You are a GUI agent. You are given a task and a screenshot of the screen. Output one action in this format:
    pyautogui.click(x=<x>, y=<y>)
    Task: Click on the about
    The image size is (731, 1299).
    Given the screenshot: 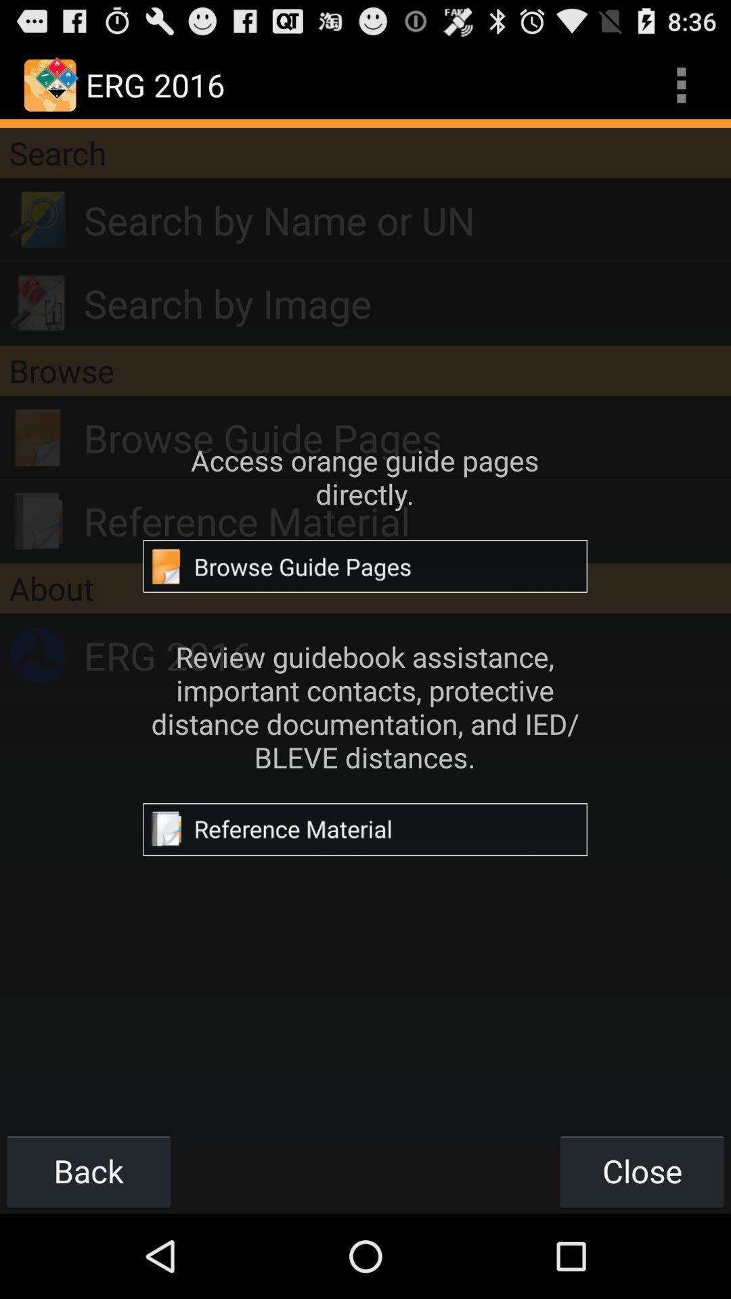 What is the action you would take?
    pyautogui.click(x=365, y=588)
    